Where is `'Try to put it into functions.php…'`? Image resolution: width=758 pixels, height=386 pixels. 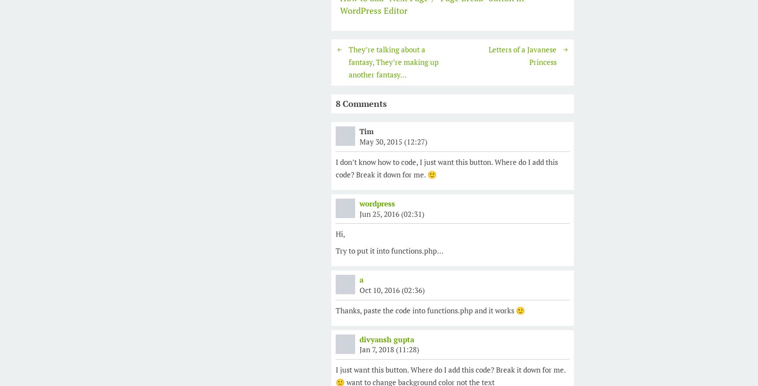
'Try to put it into functions.php…' is located at coordinates (335, 250).